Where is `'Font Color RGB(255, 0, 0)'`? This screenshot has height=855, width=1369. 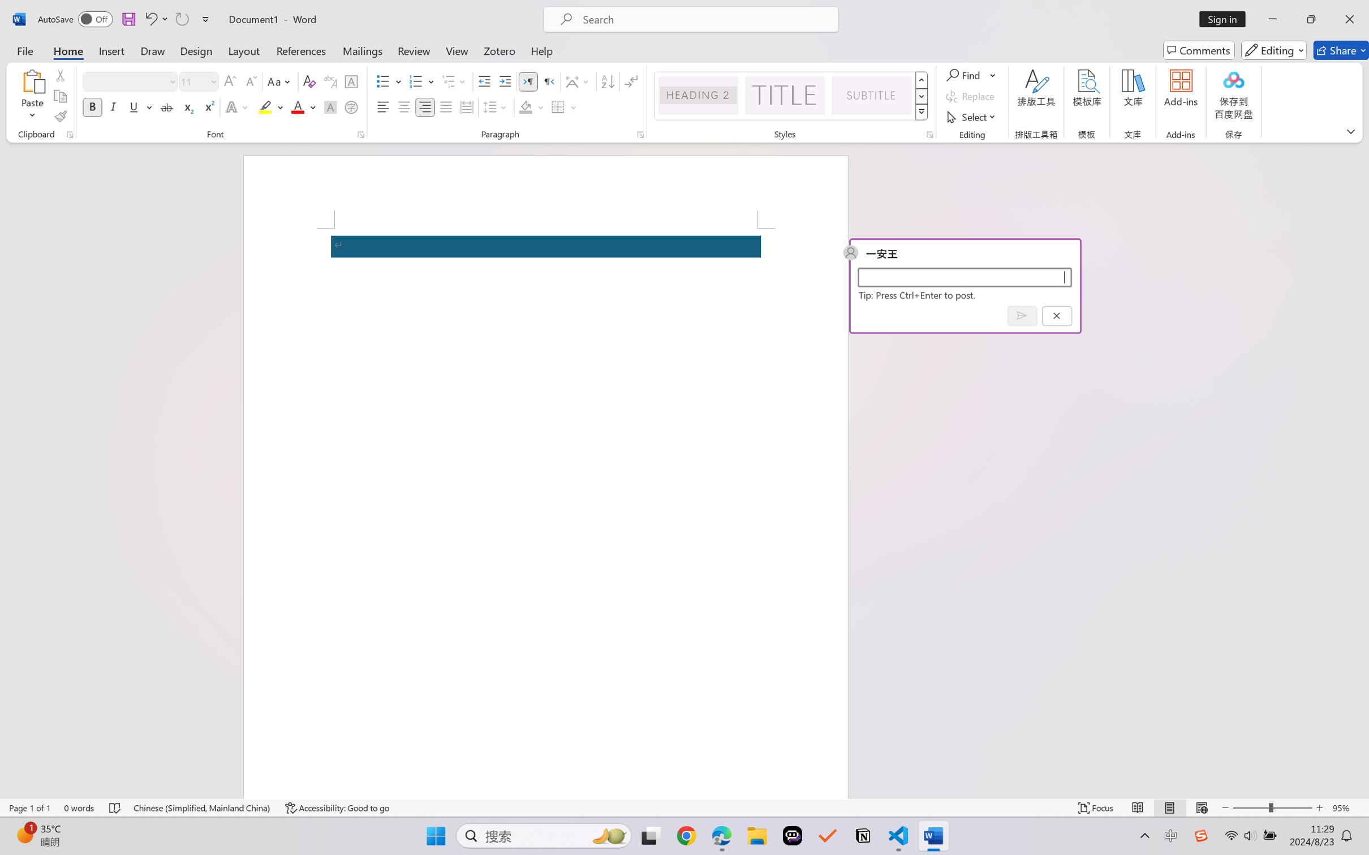 'Font Color RGB(255, 0, 0)' is located at coordinates (298, 106).